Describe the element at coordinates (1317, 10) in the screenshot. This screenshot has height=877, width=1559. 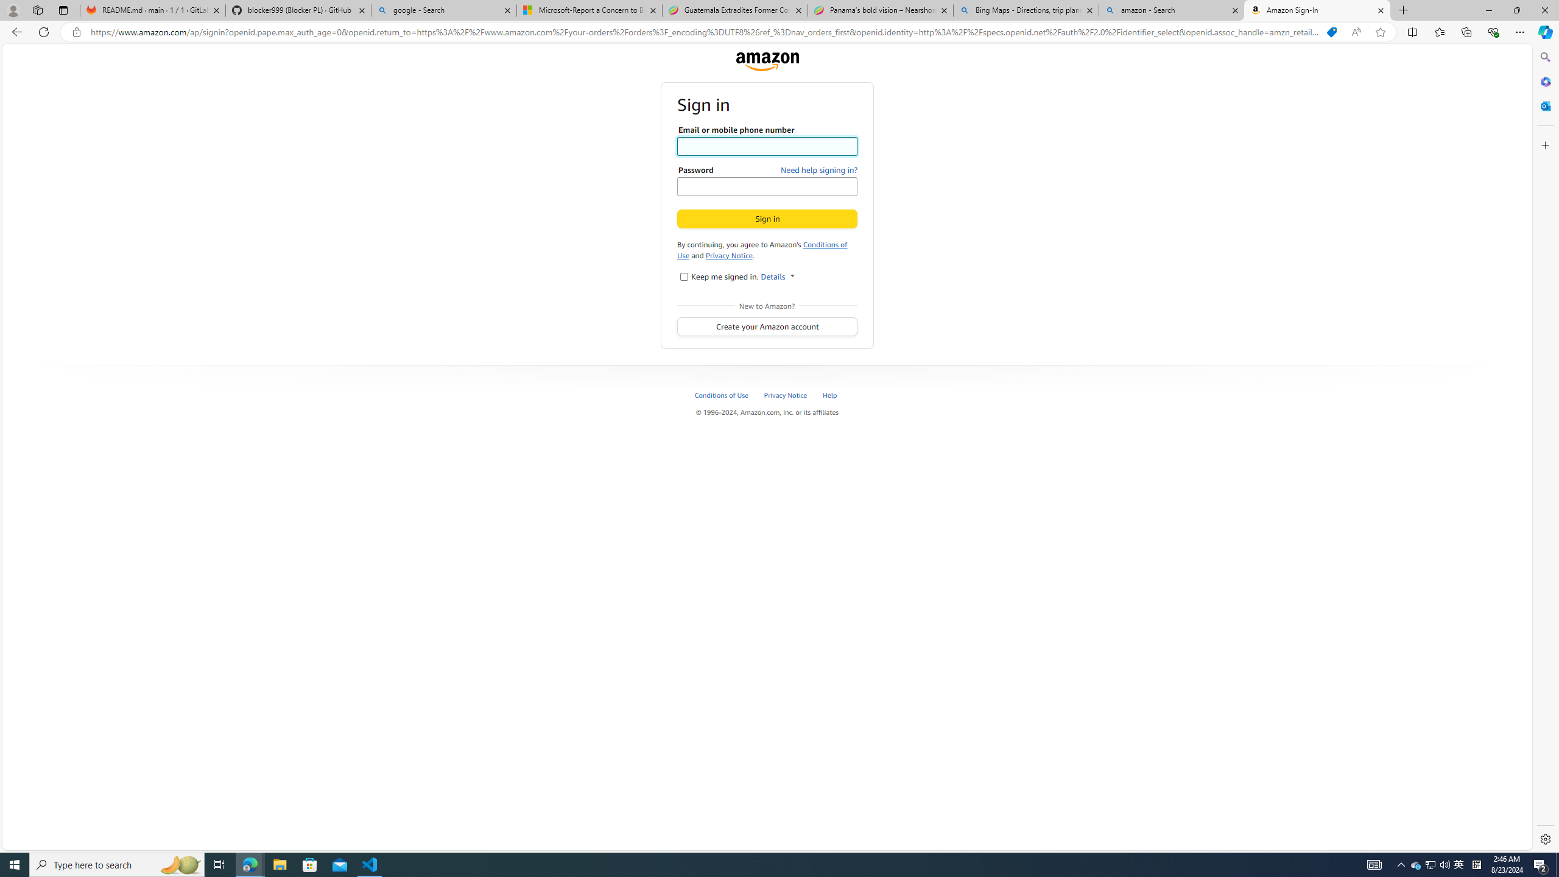
I see `'Amazon Sign-In'` at that location.